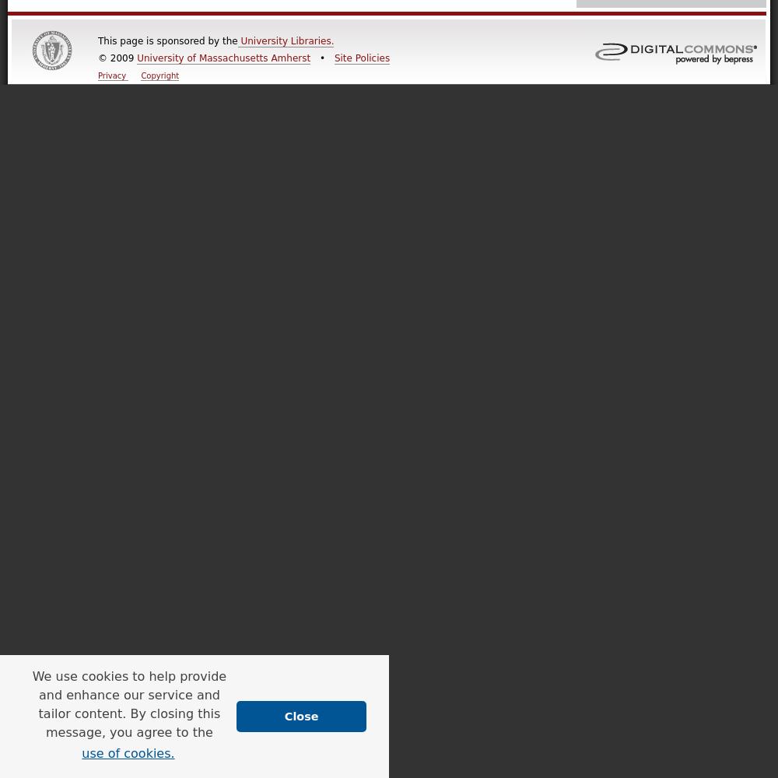  I want to click on 'Copyright', so click(159, 75).